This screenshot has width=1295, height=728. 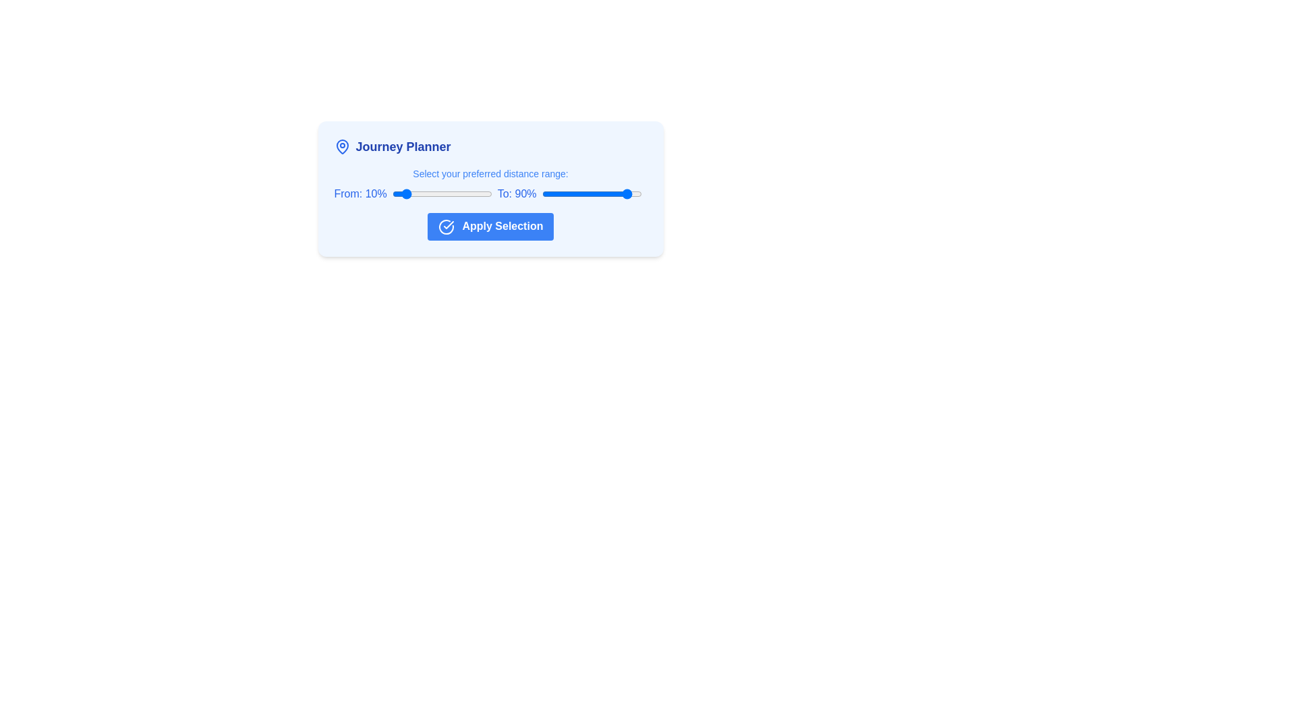 What do you see at coordinates (606, 194) in the screenshot?
I see `the slider value` at bounding box center [606, 194].